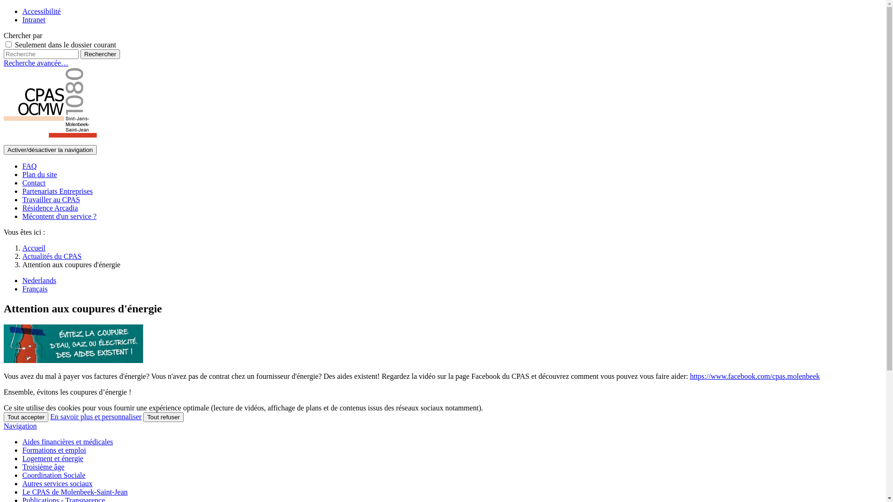  I want to click on 'Contact', so click(22, 183).